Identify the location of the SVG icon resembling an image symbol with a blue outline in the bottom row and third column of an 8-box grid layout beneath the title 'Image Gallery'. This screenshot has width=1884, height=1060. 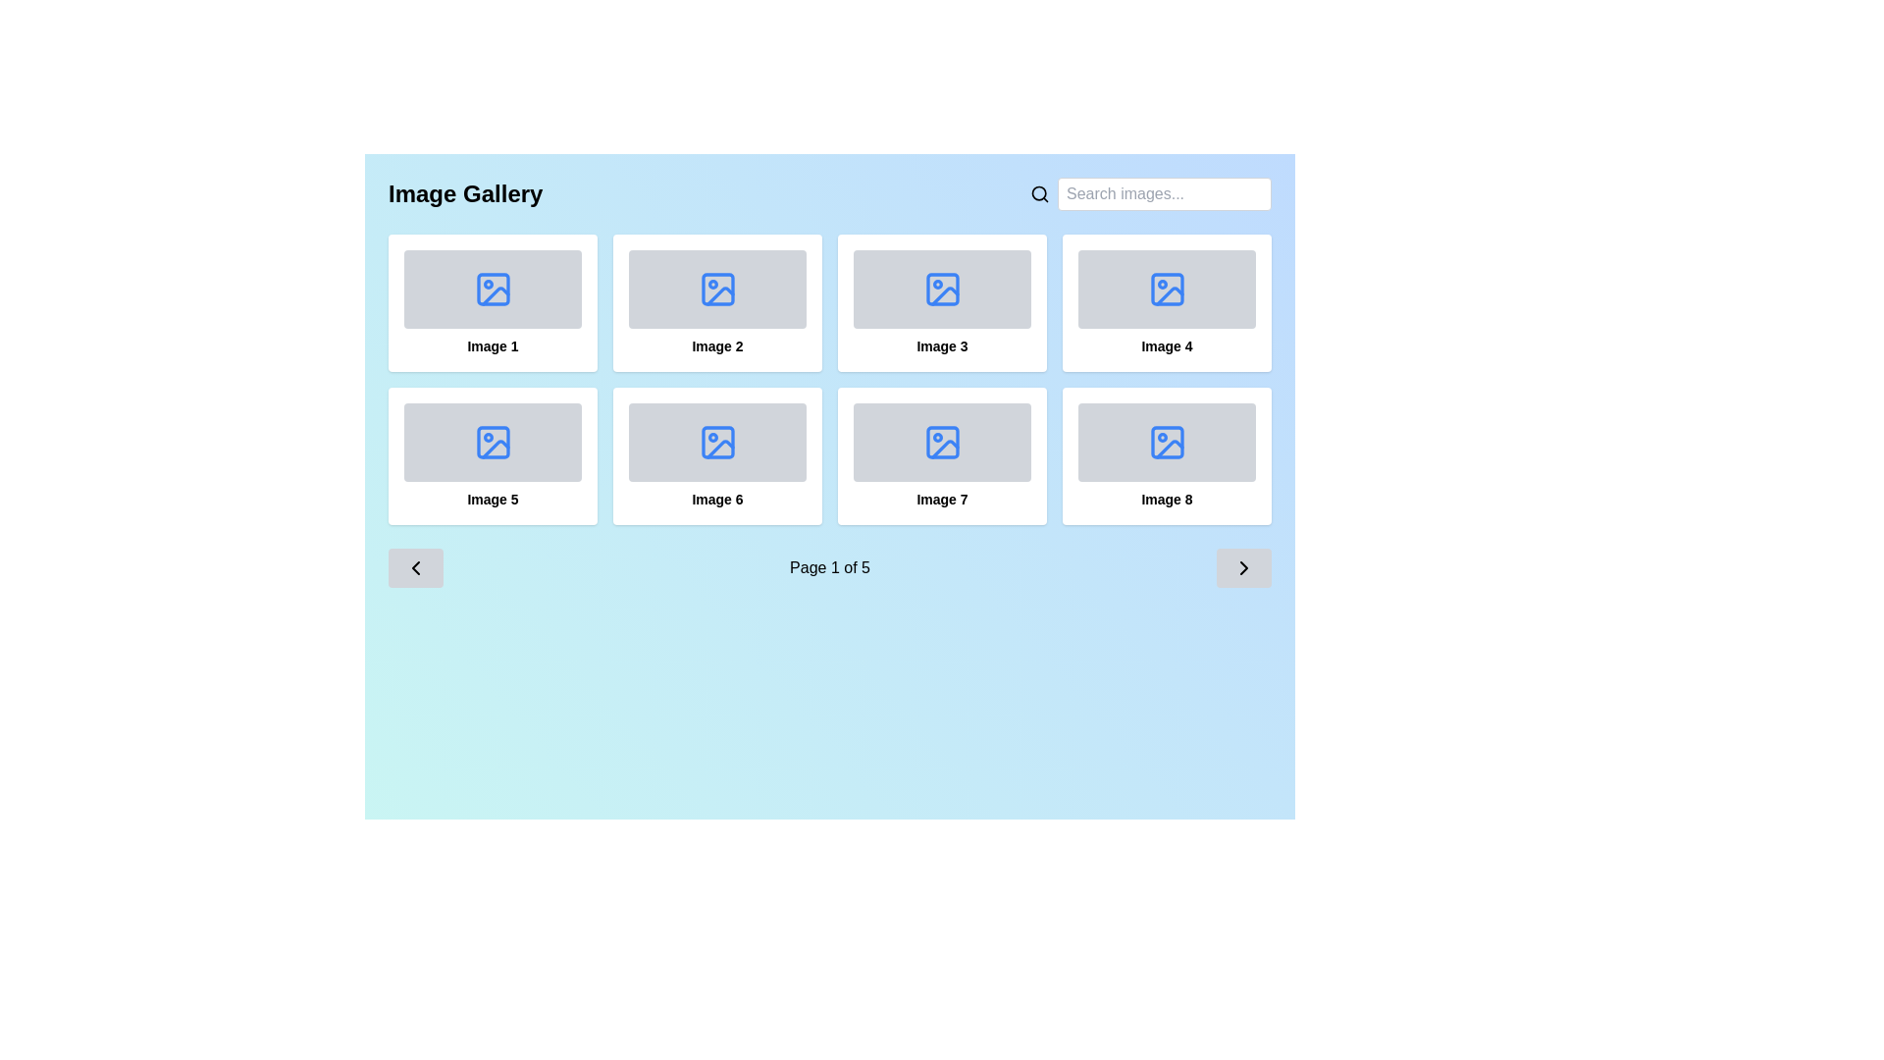
(942, 443).